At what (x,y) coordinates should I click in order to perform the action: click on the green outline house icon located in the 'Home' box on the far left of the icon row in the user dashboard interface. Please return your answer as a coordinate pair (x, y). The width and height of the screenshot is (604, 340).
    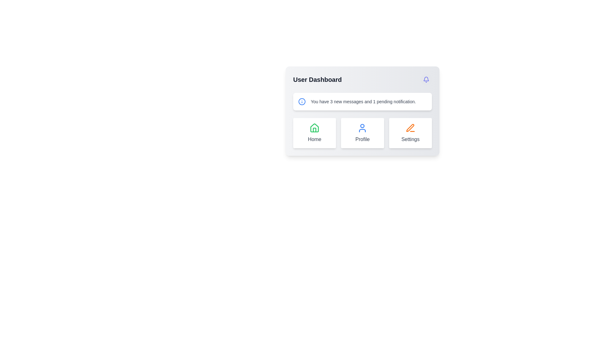
    Looking at the image, I should click on (314, 127).